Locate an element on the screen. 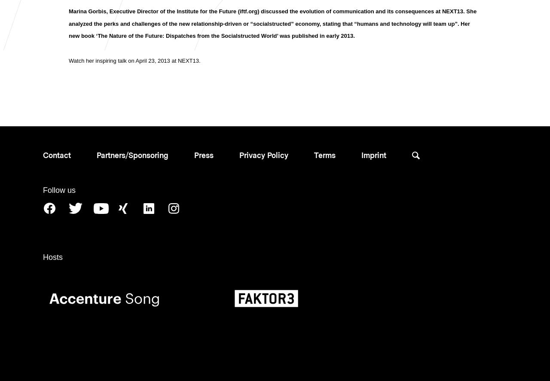 The width and height of the screenshot is (550, 381). 'Privacy Policy' is located at coordinates (263, 154).